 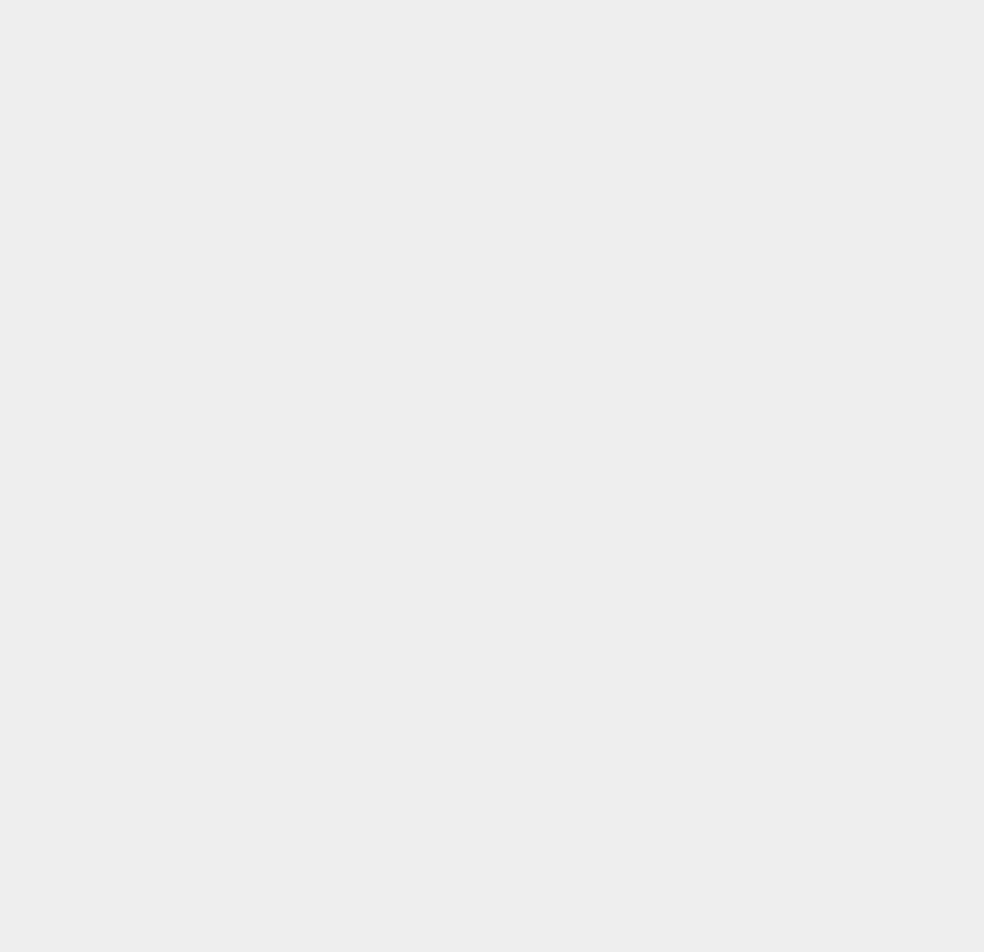 I want to click on 'Wix to Shopify Migration: Transferring Website from Wix to Shopify', so click(x=823, y=480).